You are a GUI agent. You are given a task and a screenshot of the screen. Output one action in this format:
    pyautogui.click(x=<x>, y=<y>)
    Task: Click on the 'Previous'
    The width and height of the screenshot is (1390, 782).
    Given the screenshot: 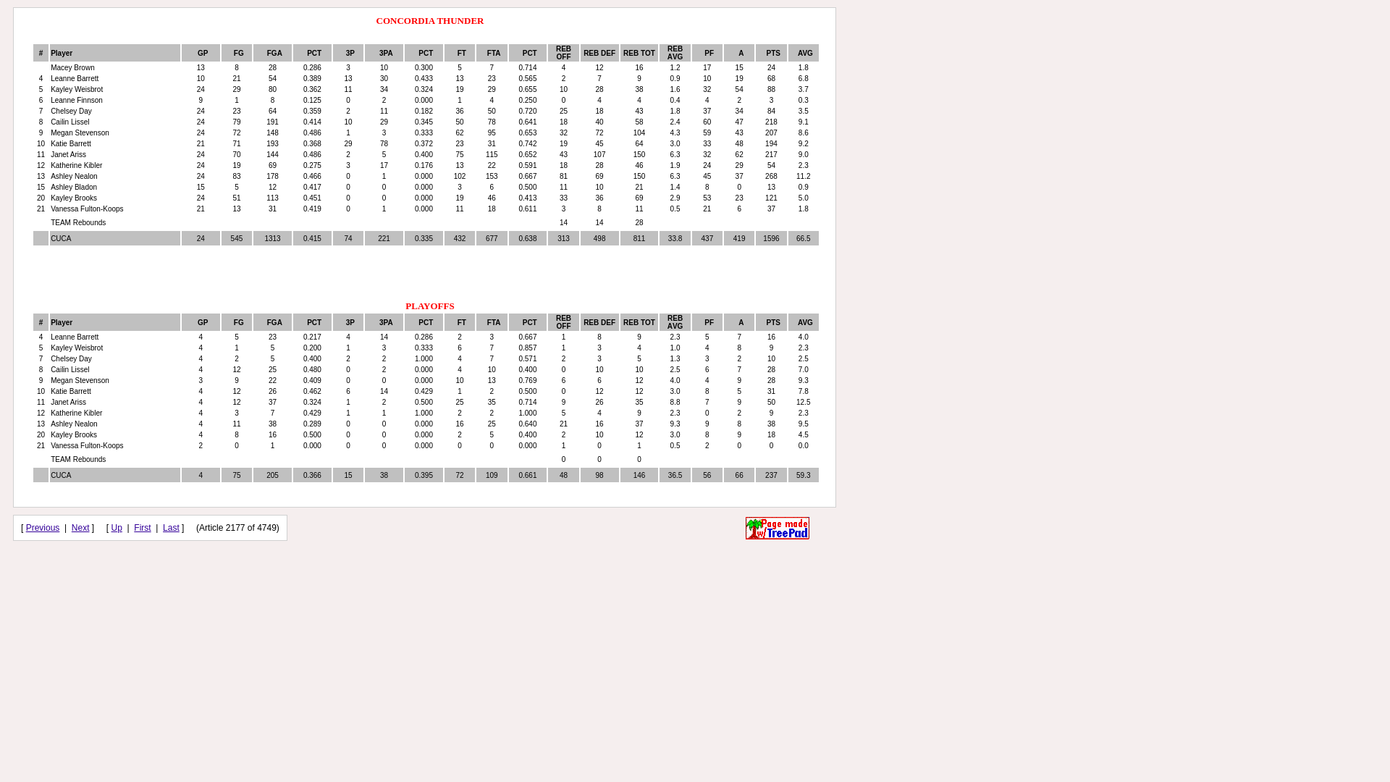 What is the action you would take?
    pyautogui.click(x=43, y=528)
    